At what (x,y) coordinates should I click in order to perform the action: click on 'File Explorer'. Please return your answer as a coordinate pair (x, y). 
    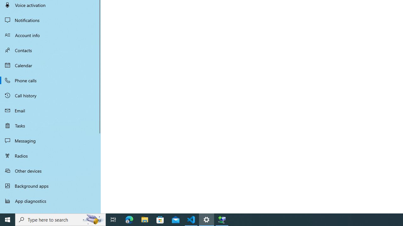
    Looking at the image, I should click on (145, 219).